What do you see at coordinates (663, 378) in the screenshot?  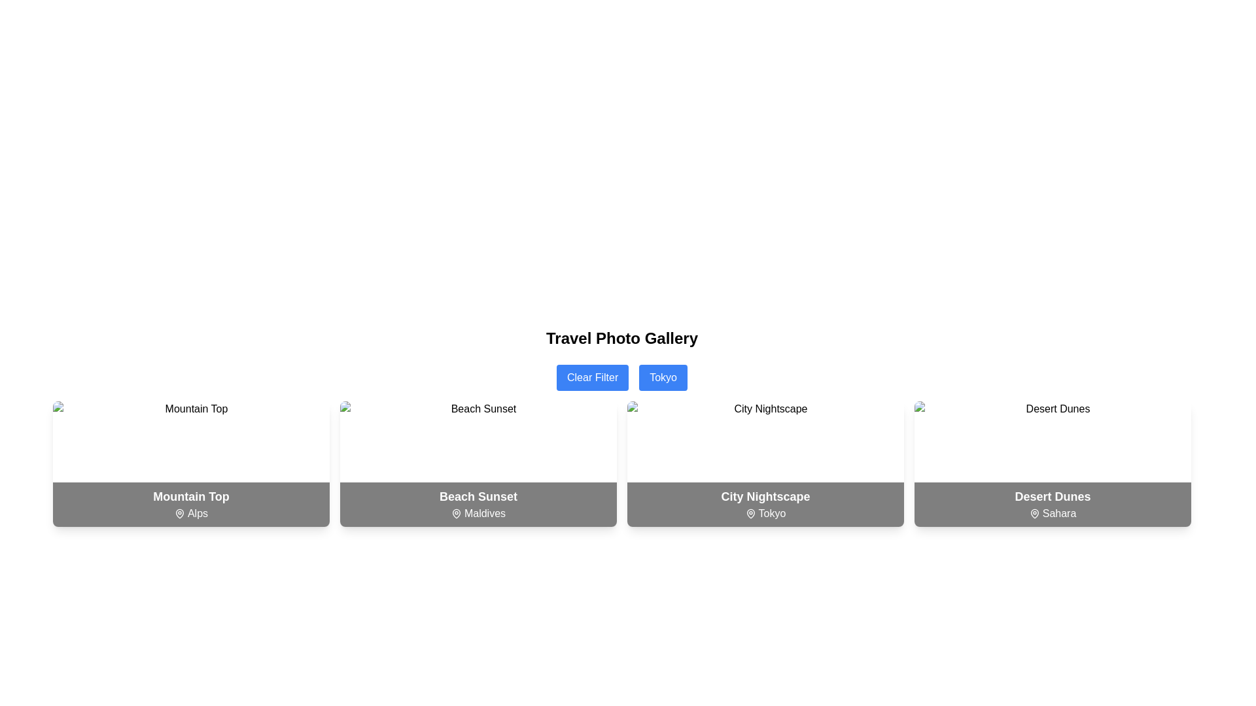 I see `the blue rectangular button labeled 'Tokyo'` at bounding box center [663, 378].